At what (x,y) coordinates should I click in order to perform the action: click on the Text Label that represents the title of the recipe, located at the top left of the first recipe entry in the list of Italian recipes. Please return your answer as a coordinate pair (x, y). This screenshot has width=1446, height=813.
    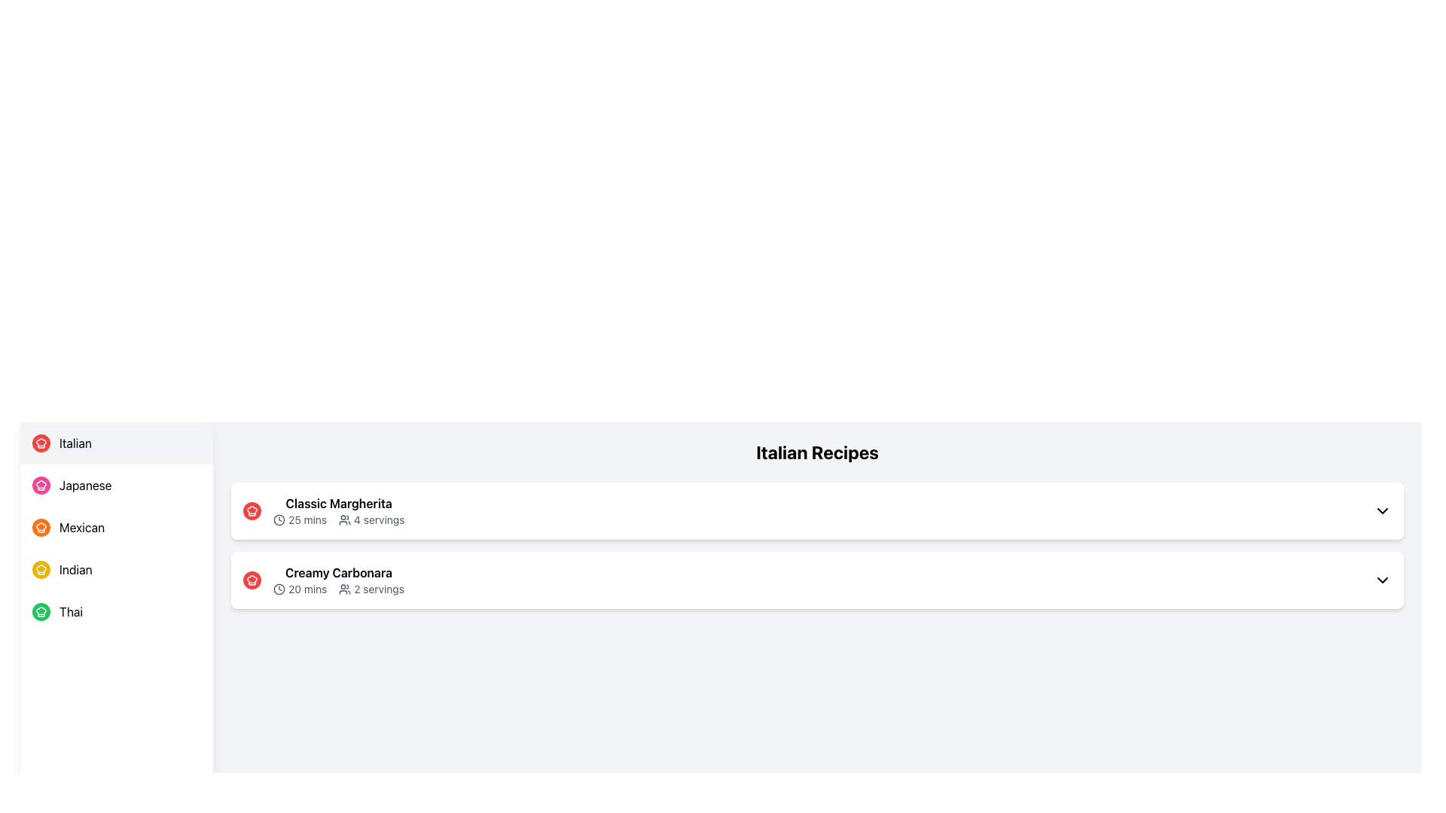
    Looking at the image, I should click on (338, 503).